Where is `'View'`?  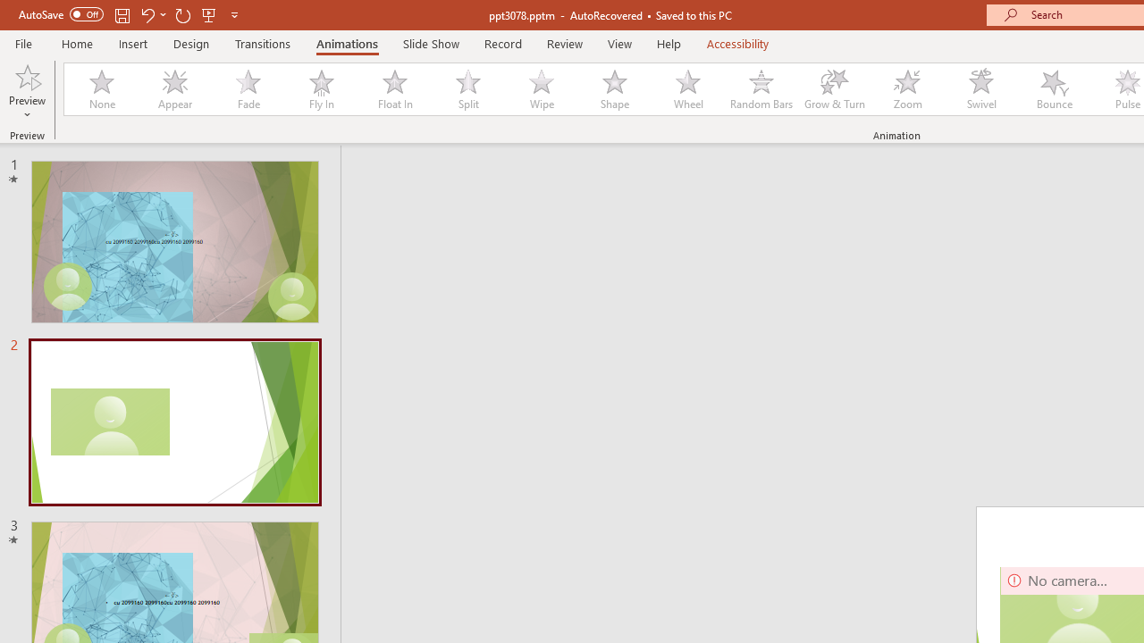
'View' is located at coordinates (619, 43).